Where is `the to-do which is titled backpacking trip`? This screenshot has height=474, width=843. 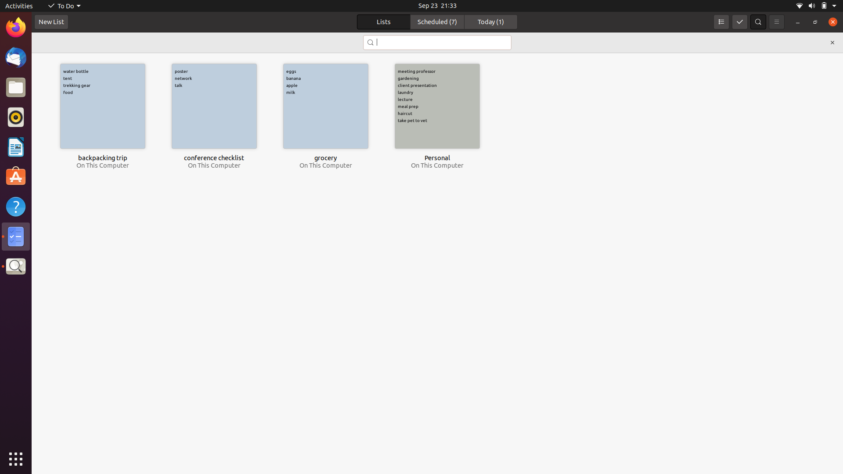
the to-do which is titled backpacking trip is located at coordinates (102, 106).